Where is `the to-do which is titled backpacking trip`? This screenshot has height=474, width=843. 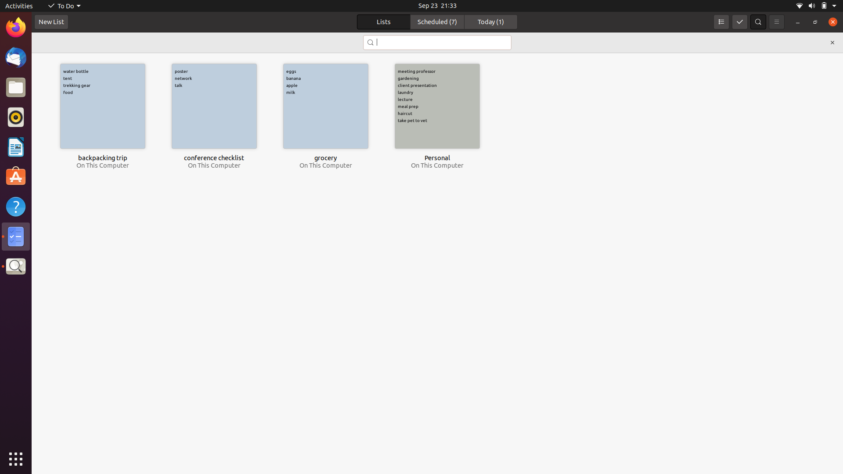
the to-do which is titled backpacking trip is located at coordinates (102, 106).